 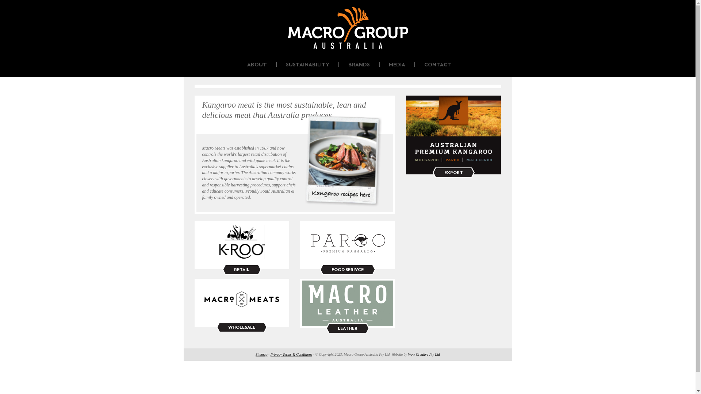 What do you see at coordinates (438, 64) in the screenshot?
I see `'CONTACT'` at bounding box center [438, 64].